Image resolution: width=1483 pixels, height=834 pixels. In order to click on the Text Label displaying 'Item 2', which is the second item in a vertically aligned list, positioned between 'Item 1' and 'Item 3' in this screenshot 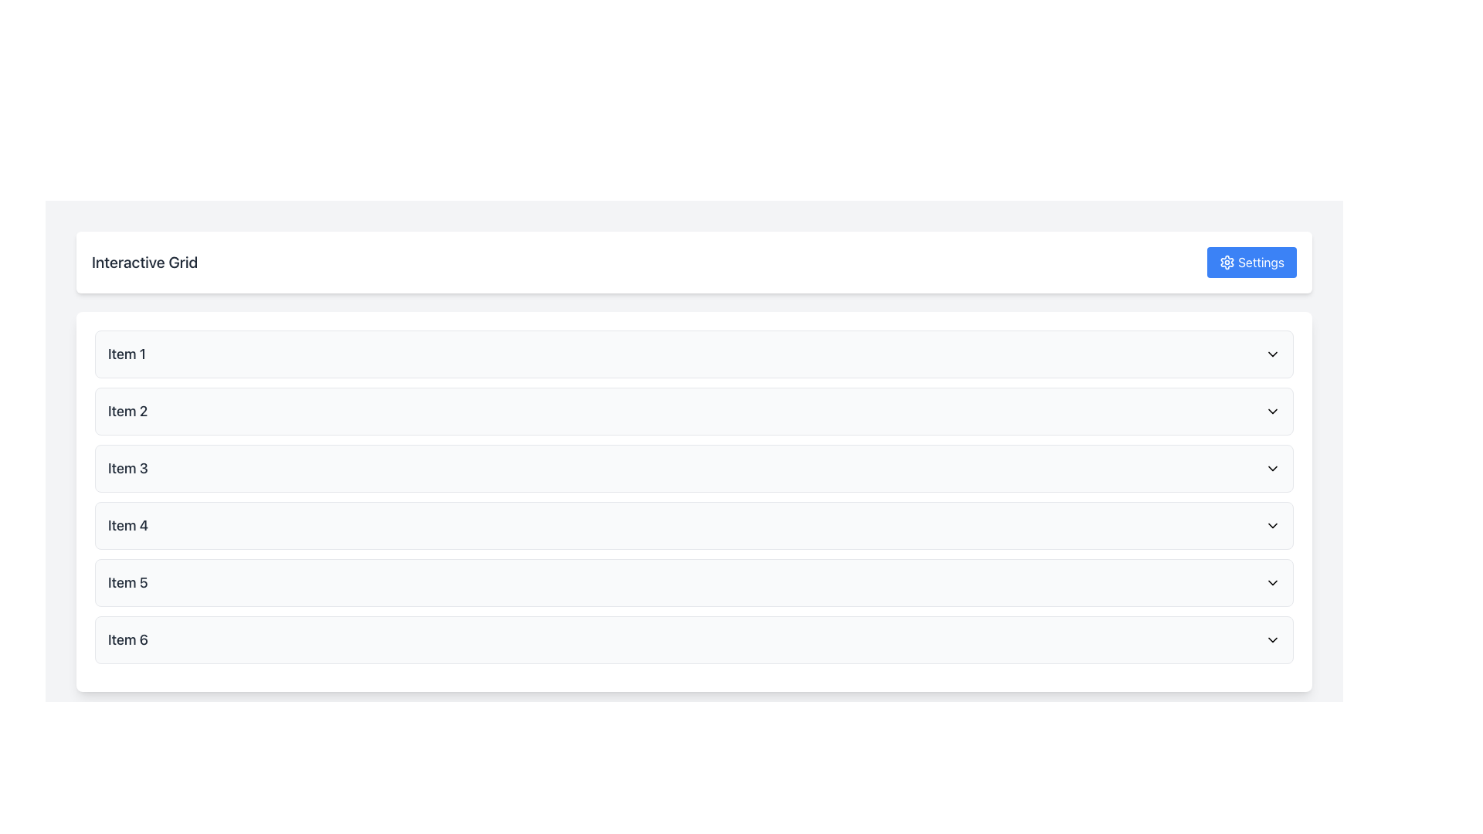, I will do `click(127, 410)`.